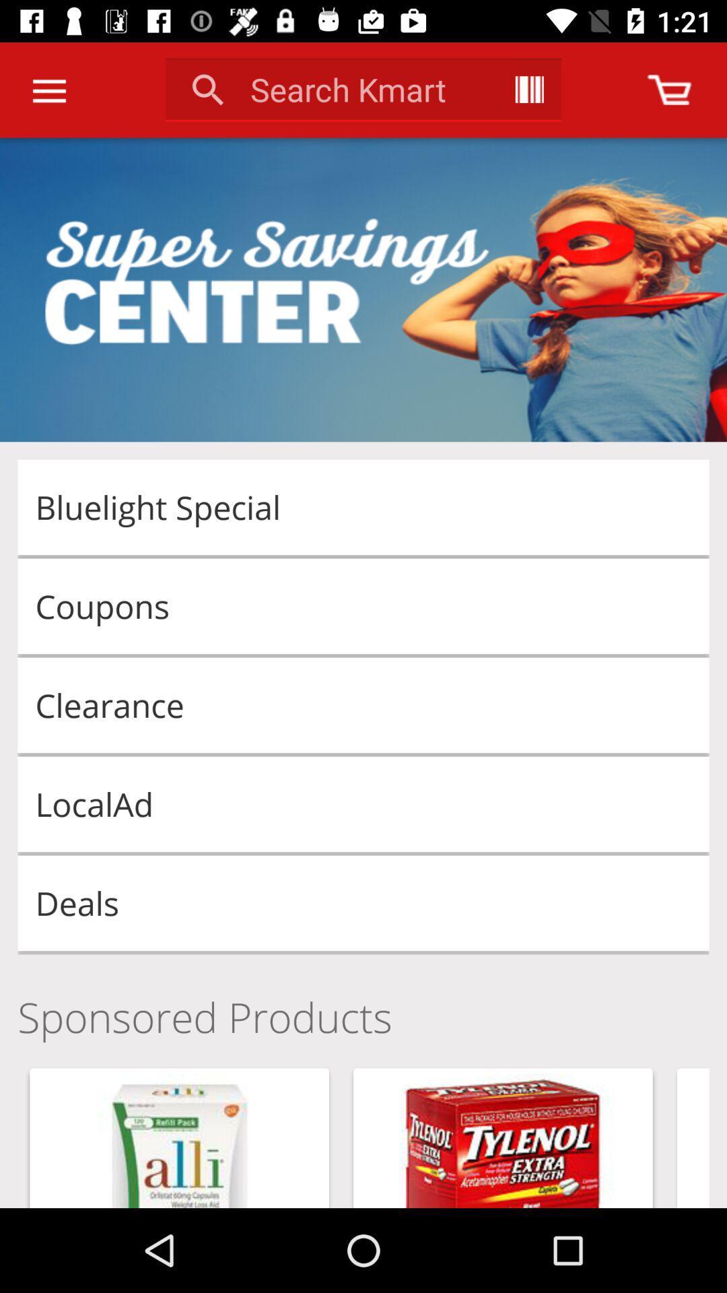 This screenshot has height=1293, width=727. What do you see at coordinates (528, 89) in the screenshot?
I see `app to the right of search kmart app` at bounding box center [528, 89].